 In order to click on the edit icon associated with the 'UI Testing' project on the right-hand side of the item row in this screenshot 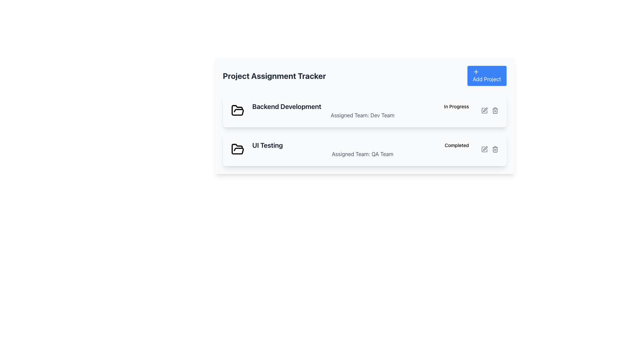, I will do `click(484, 149)`.